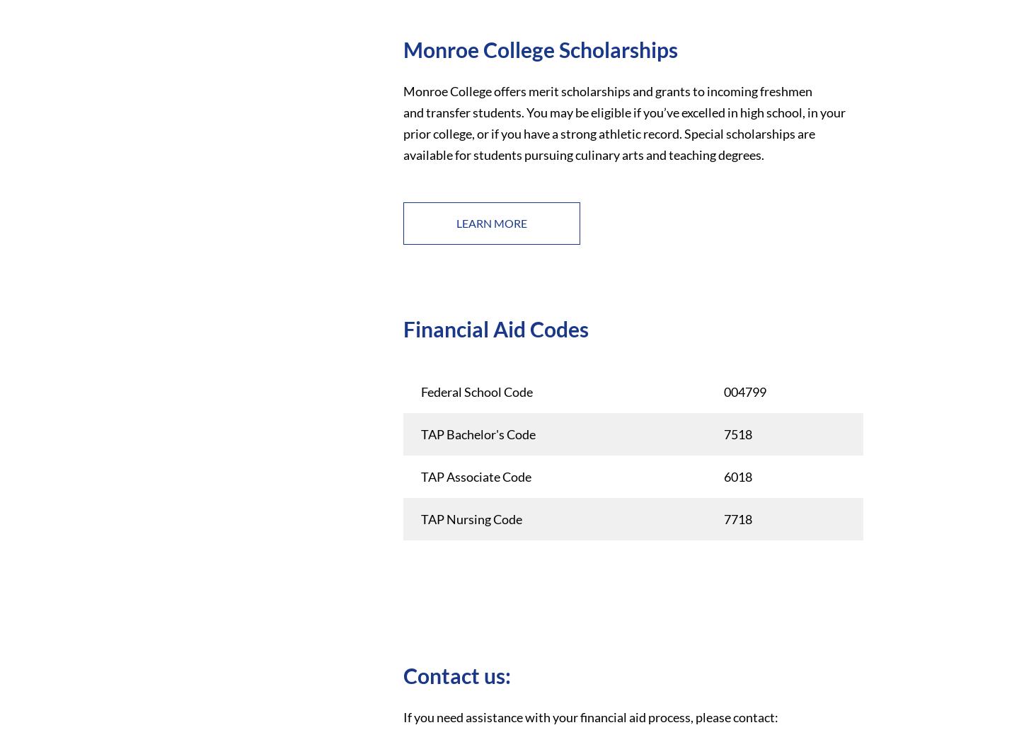  I want to click on '004799', so click(722, 391).